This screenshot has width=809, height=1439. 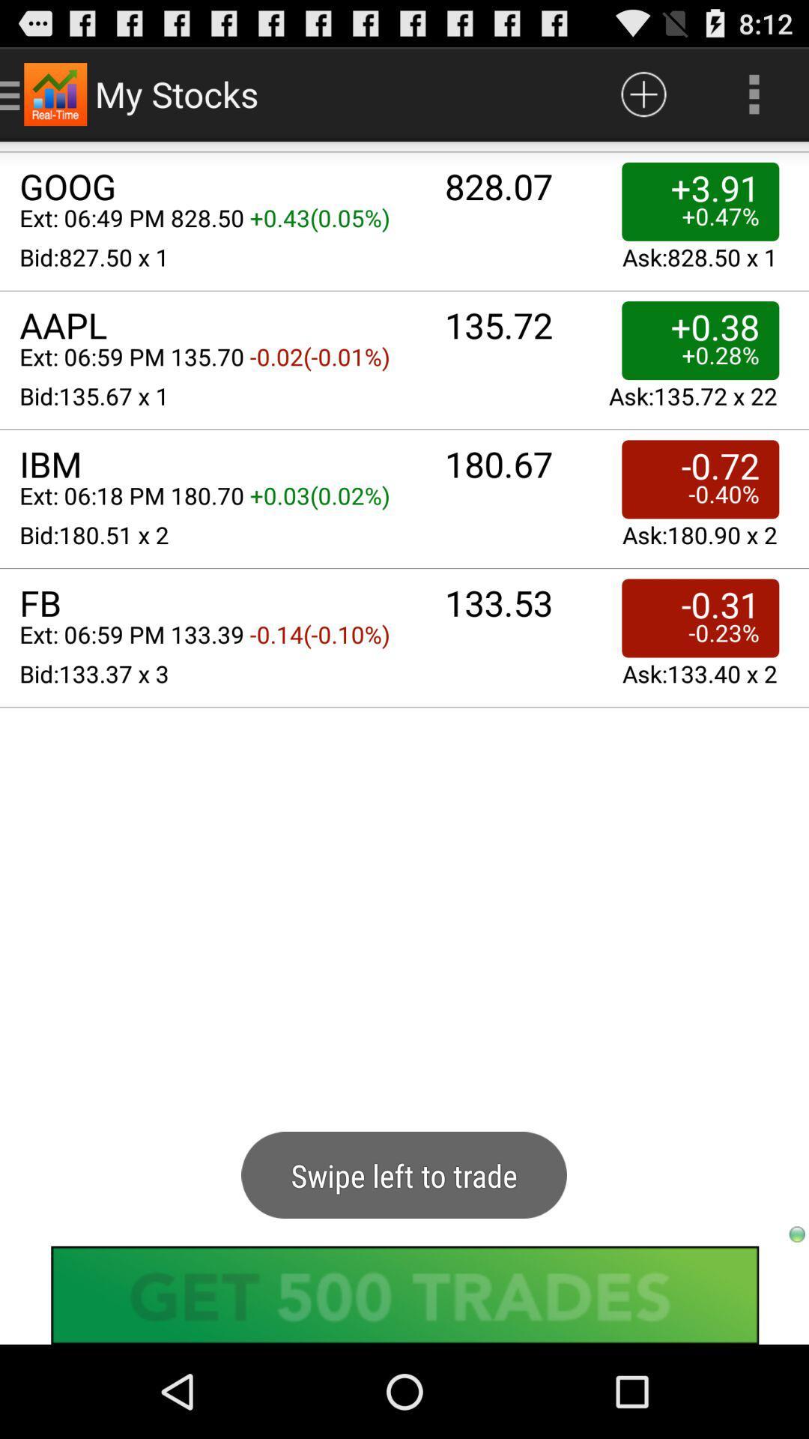 I want to click on click advertisement, so click(x=404, y=1294).